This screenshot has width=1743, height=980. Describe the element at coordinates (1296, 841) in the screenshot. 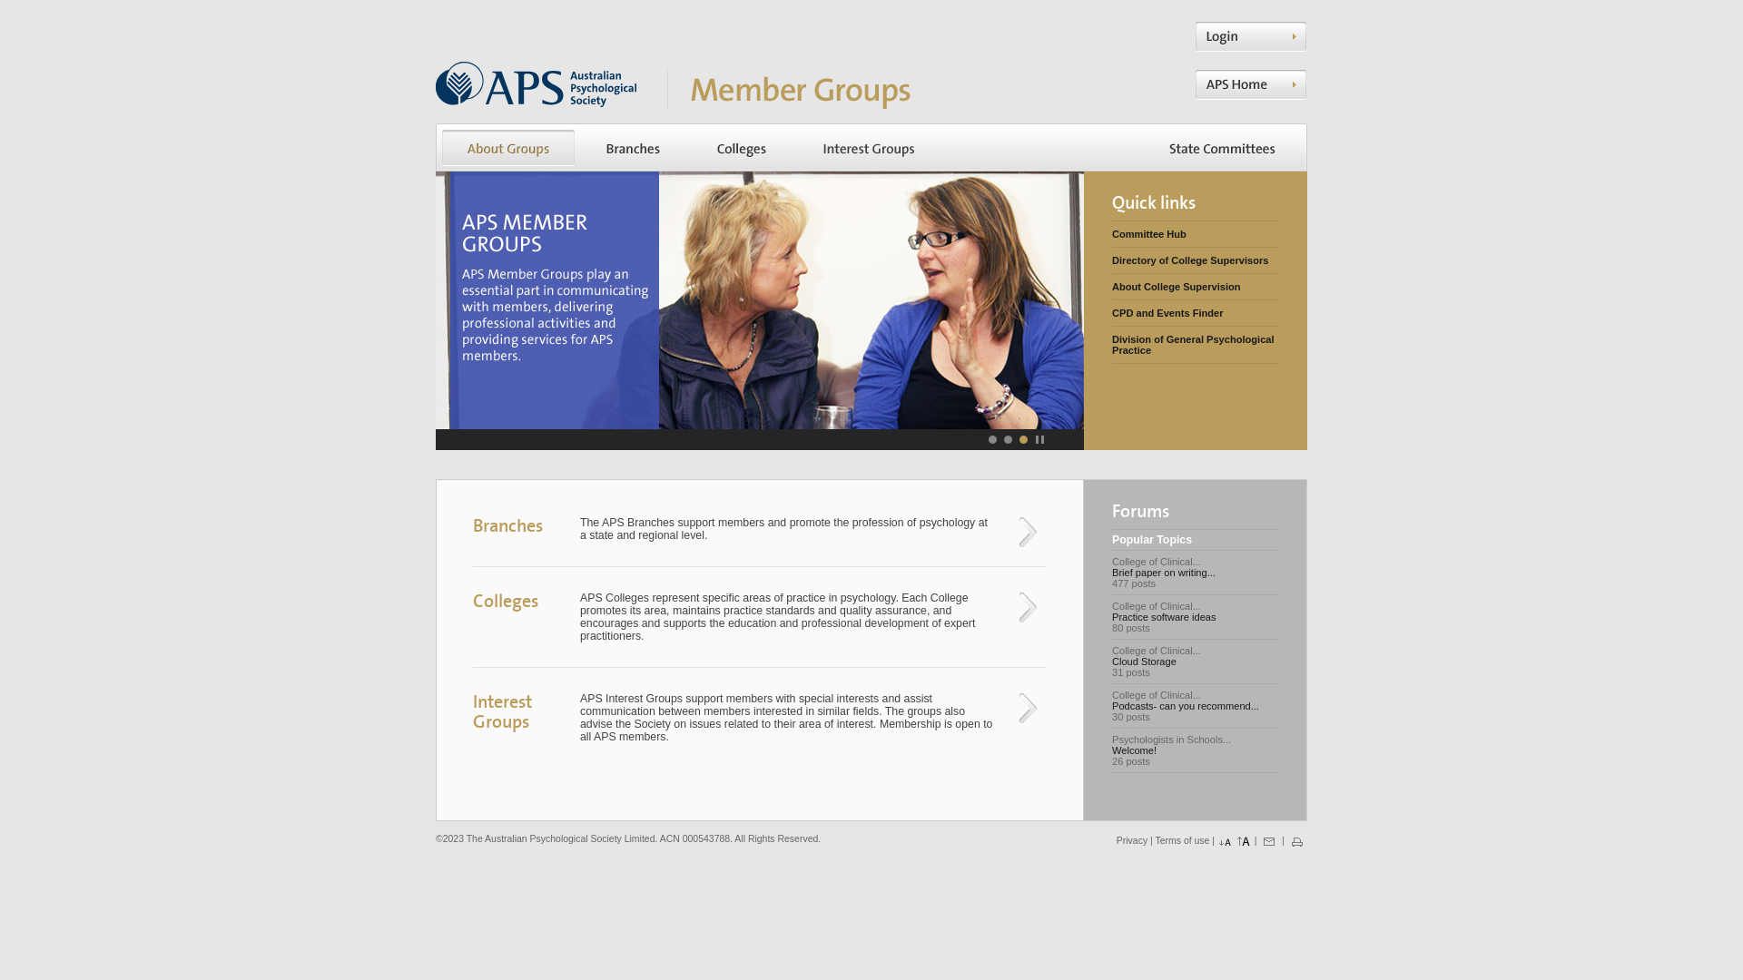

I see `'Print this page'` at that location.